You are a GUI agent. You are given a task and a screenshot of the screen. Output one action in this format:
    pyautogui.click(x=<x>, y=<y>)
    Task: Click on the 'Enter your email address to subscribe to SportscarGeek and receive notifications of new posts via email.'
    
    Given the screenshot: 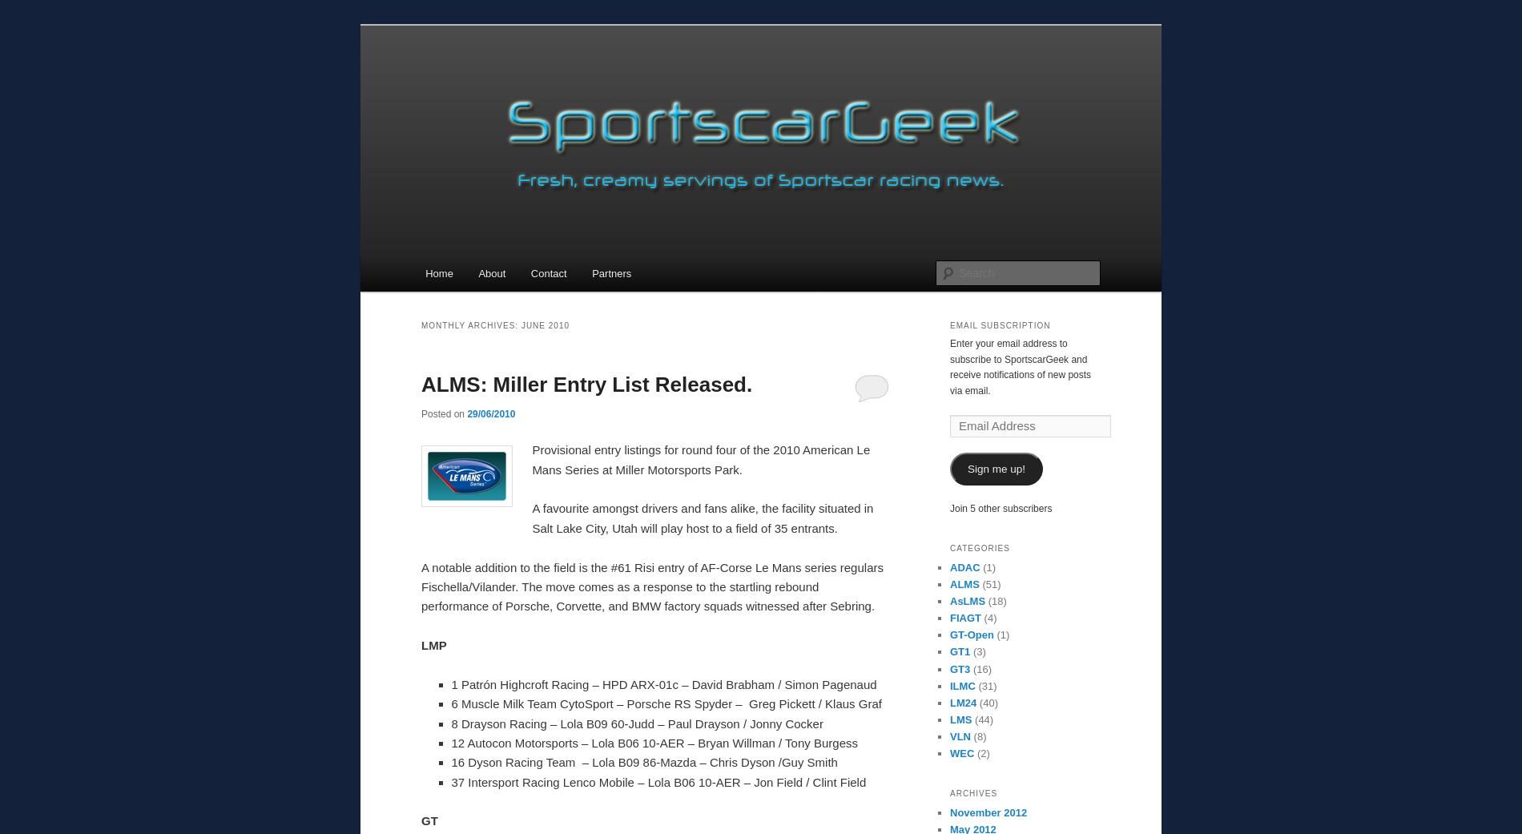 What is the action you would take?
    pyautogui.click(x=1019, y=366)
    